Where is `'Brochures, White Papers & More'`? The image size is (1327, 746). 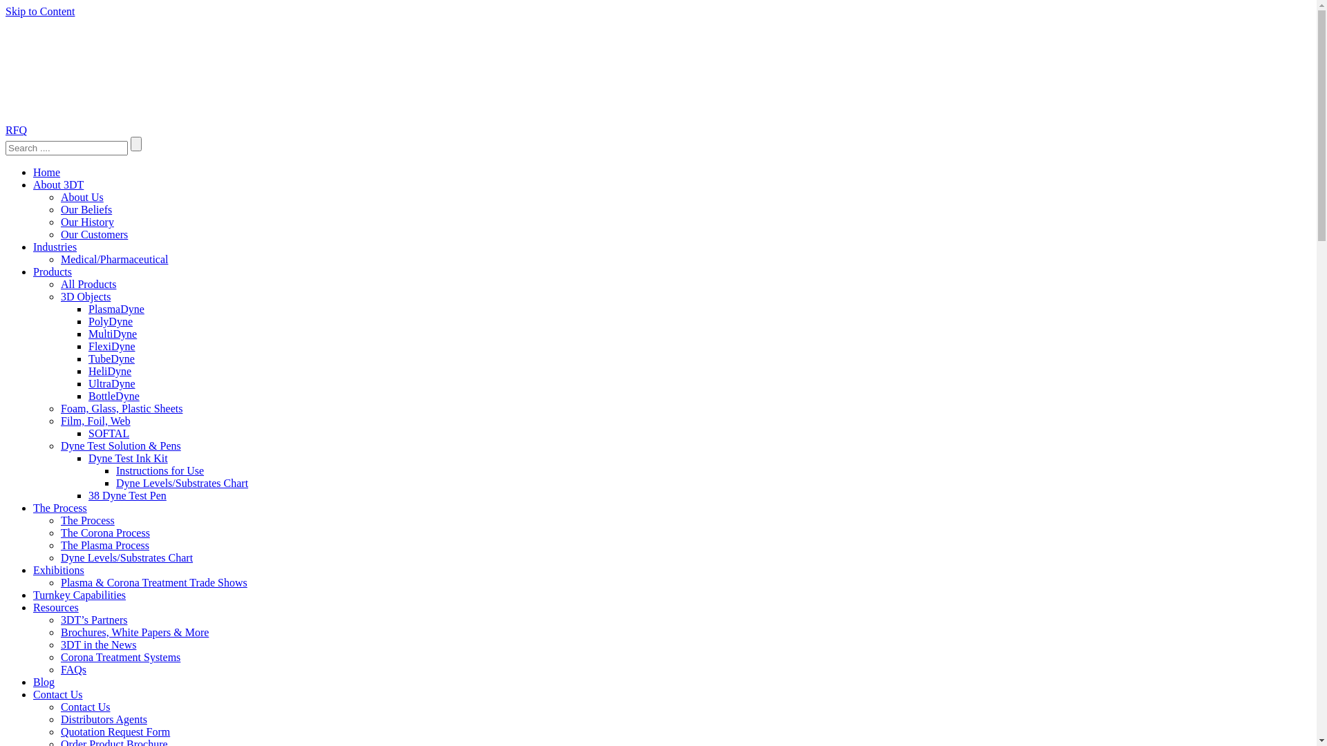
'Brochures, White Papers & More' is located at coordinates (59, 632).